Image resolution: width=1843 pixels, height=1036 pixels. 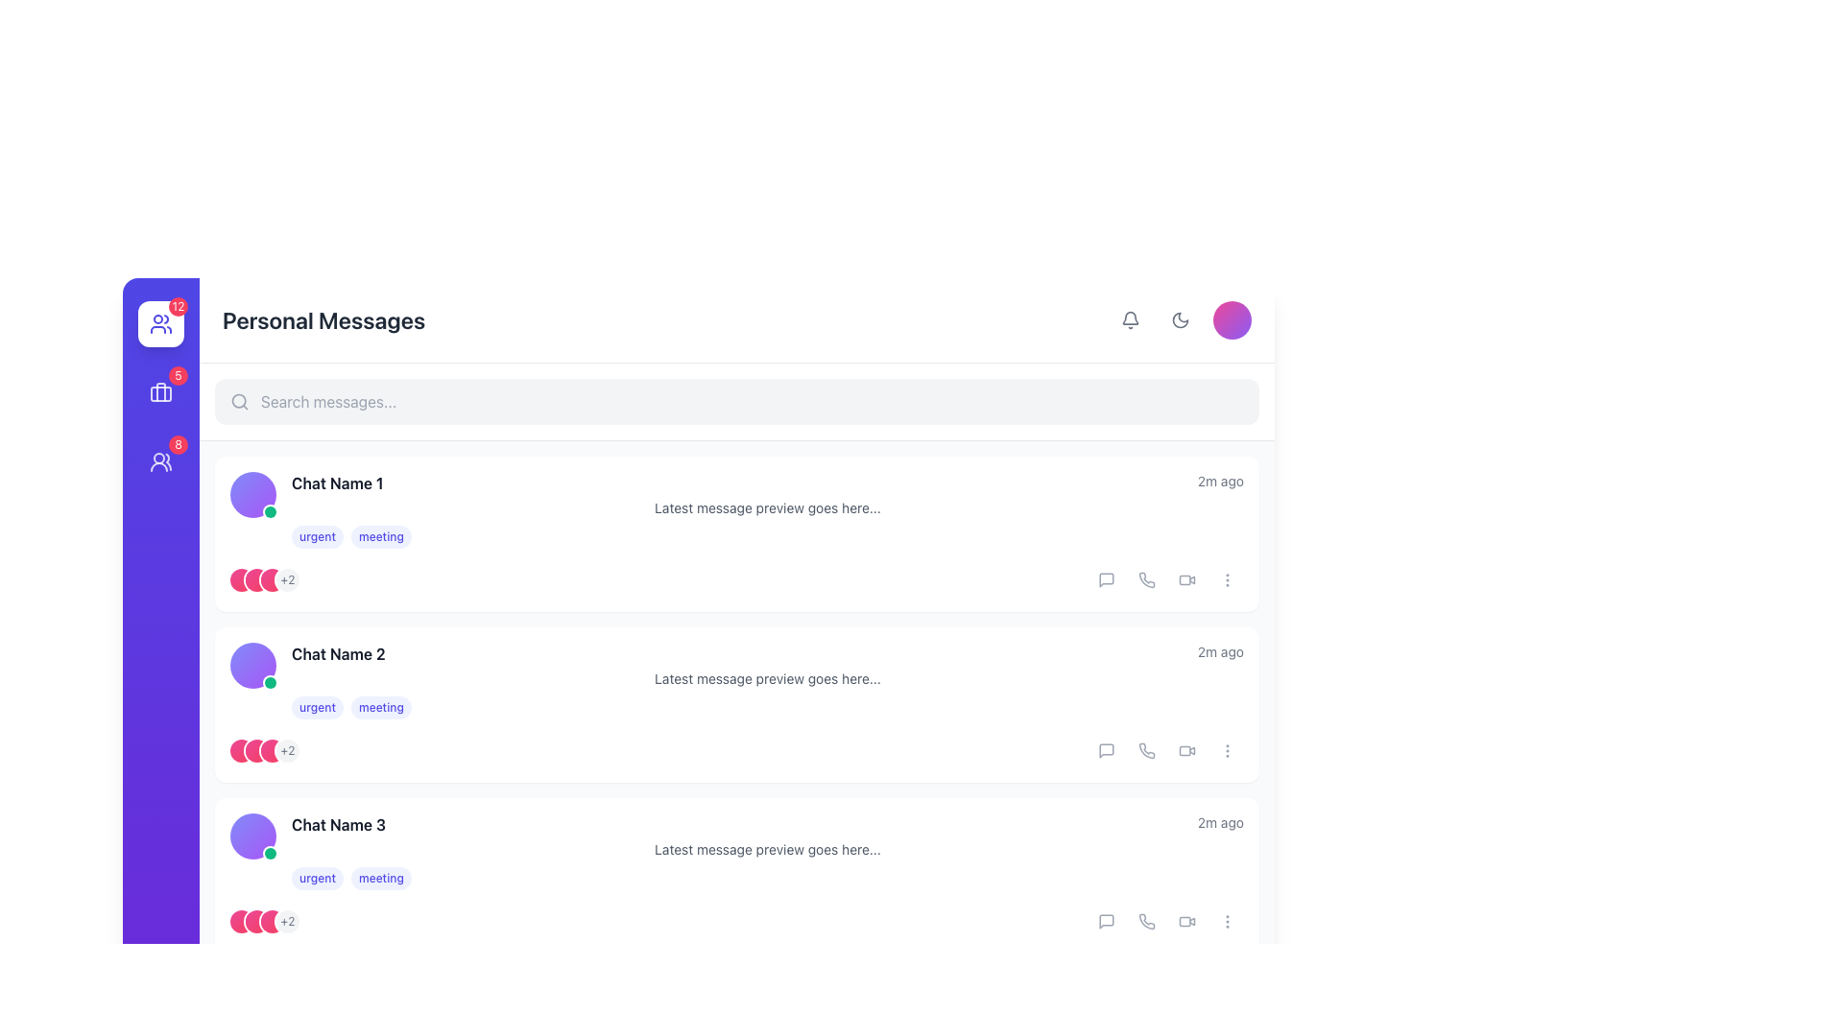 What do you see at coordinates (256, 920) in the screenshot?
I see `the second gradient circle representing a user's profile image in the chat section labeled 'Chat Name 3'` at bounding box center [256, 920].